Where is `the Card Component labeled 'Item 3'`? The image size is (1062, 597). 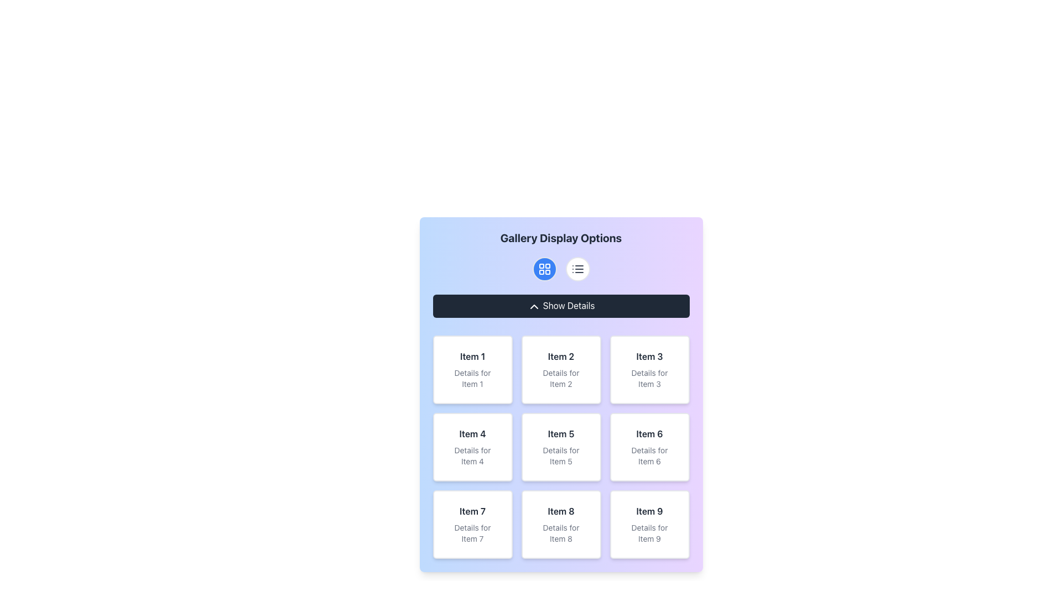
the Card Component labeled 'Item 3' is located at coordinates (649, 369).